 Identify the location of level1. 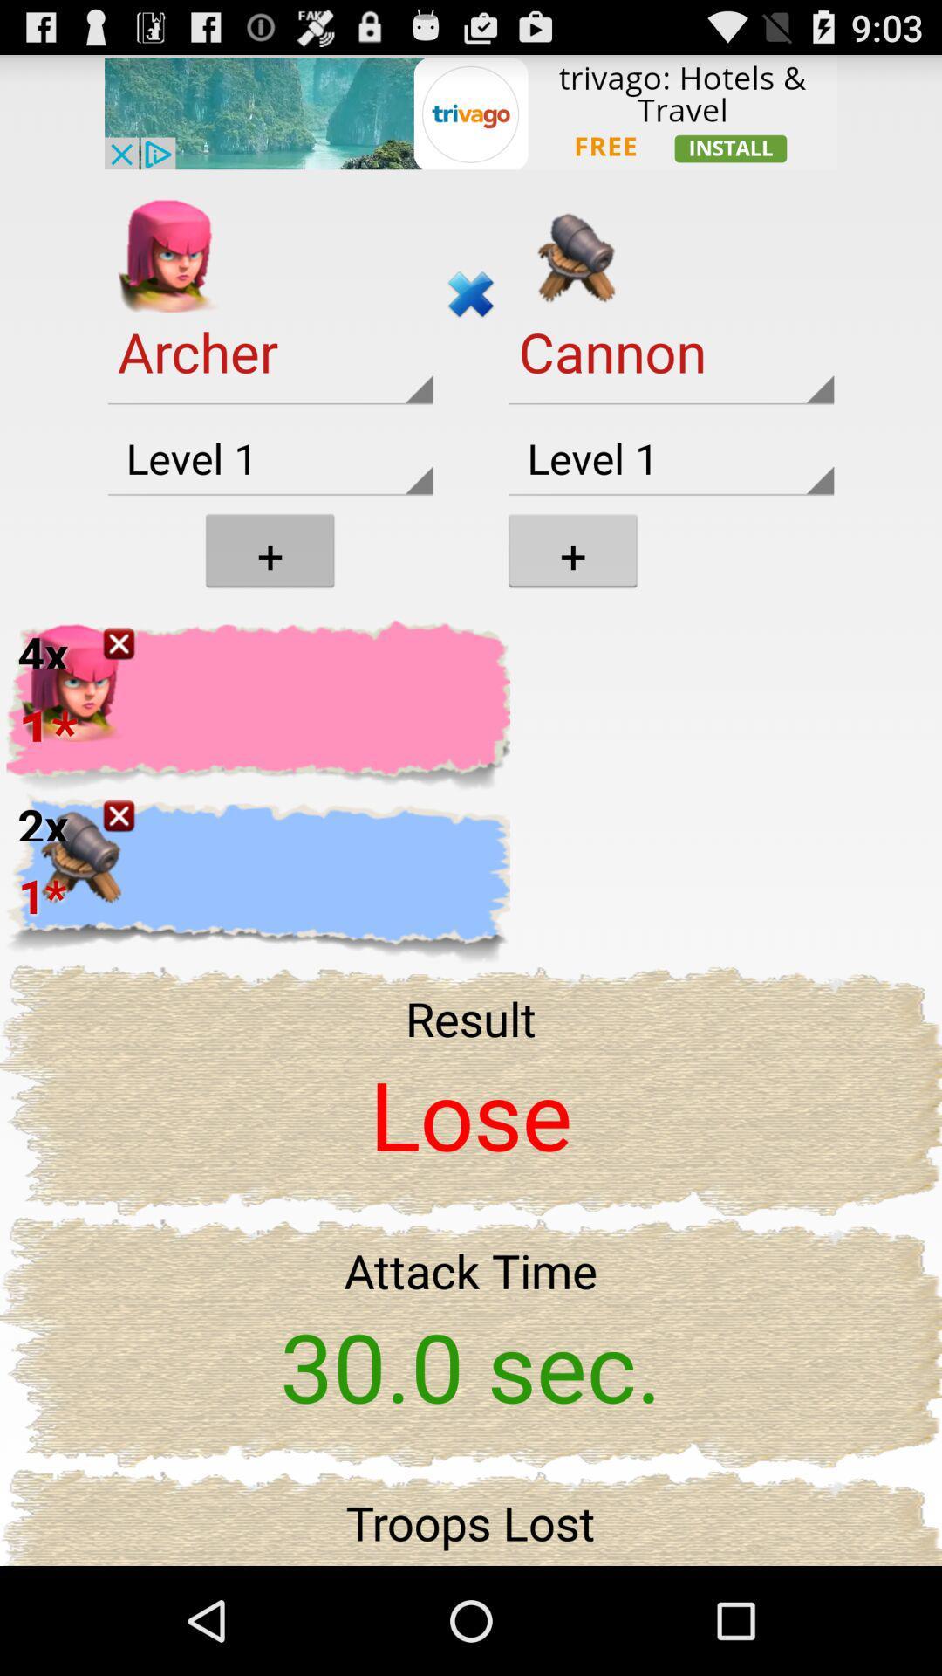
(671, 459).